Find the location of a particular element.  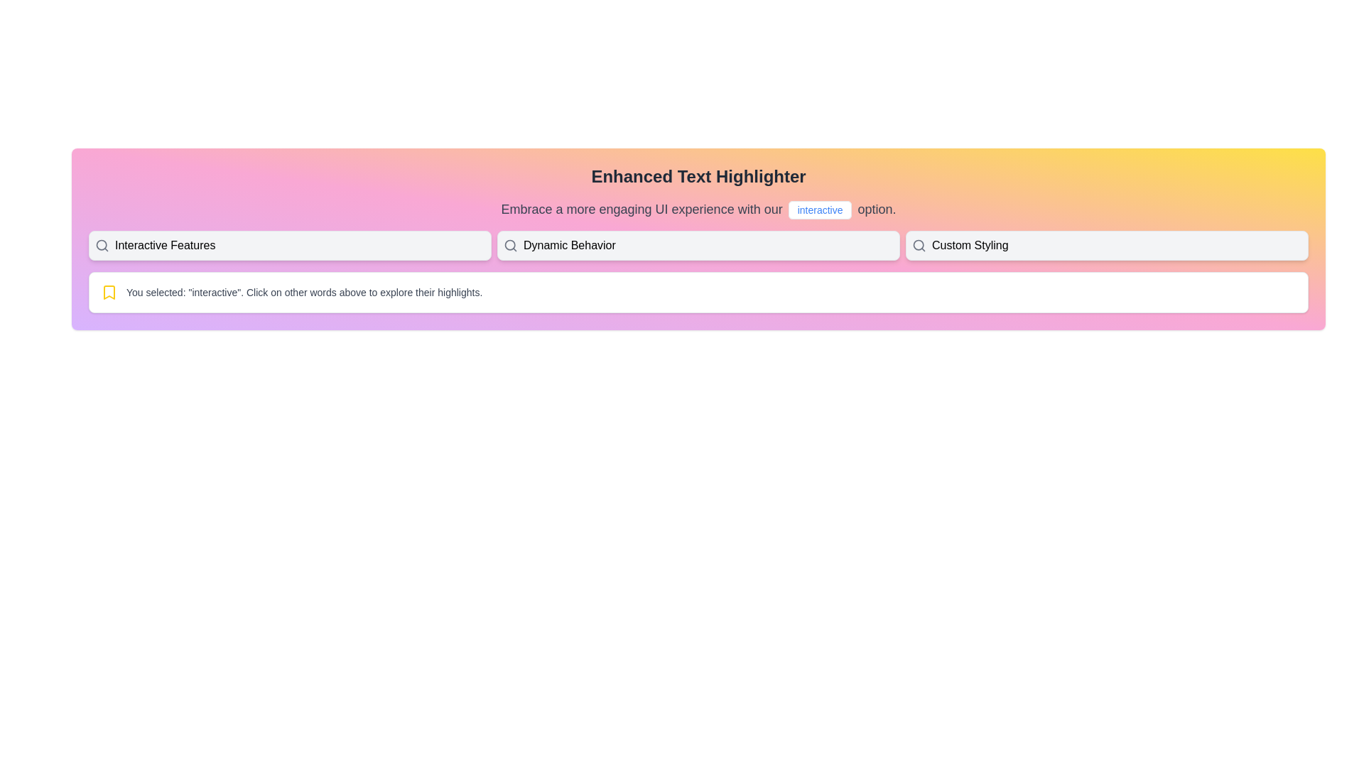

text block displaying the message: 'You selected: "interactive". Click on other words above to explore their highlights.' This text block is styled with a gray font and is prominently displayed below selectable options is located at coordinates (303, 292).